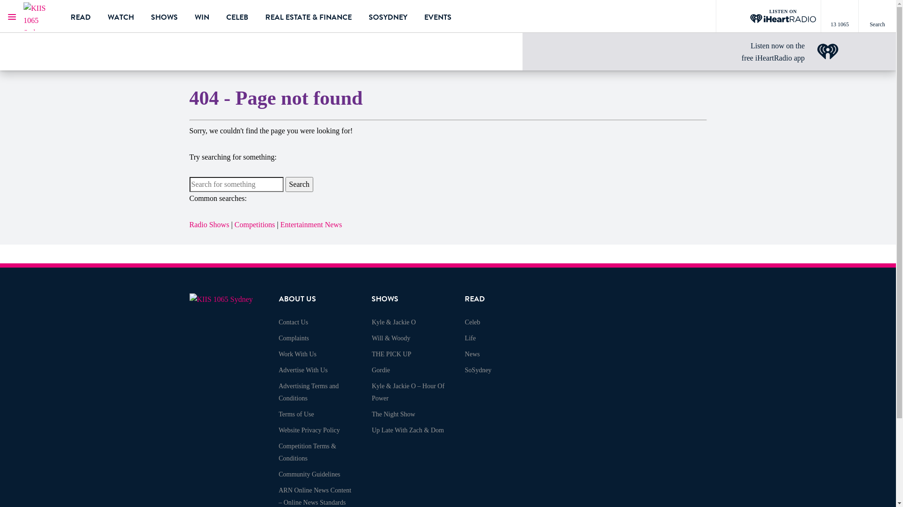  What do you see at coordinates (277, 322) in the screenshot?
I see `'Contact Us'` at bounding box center [277, 322].